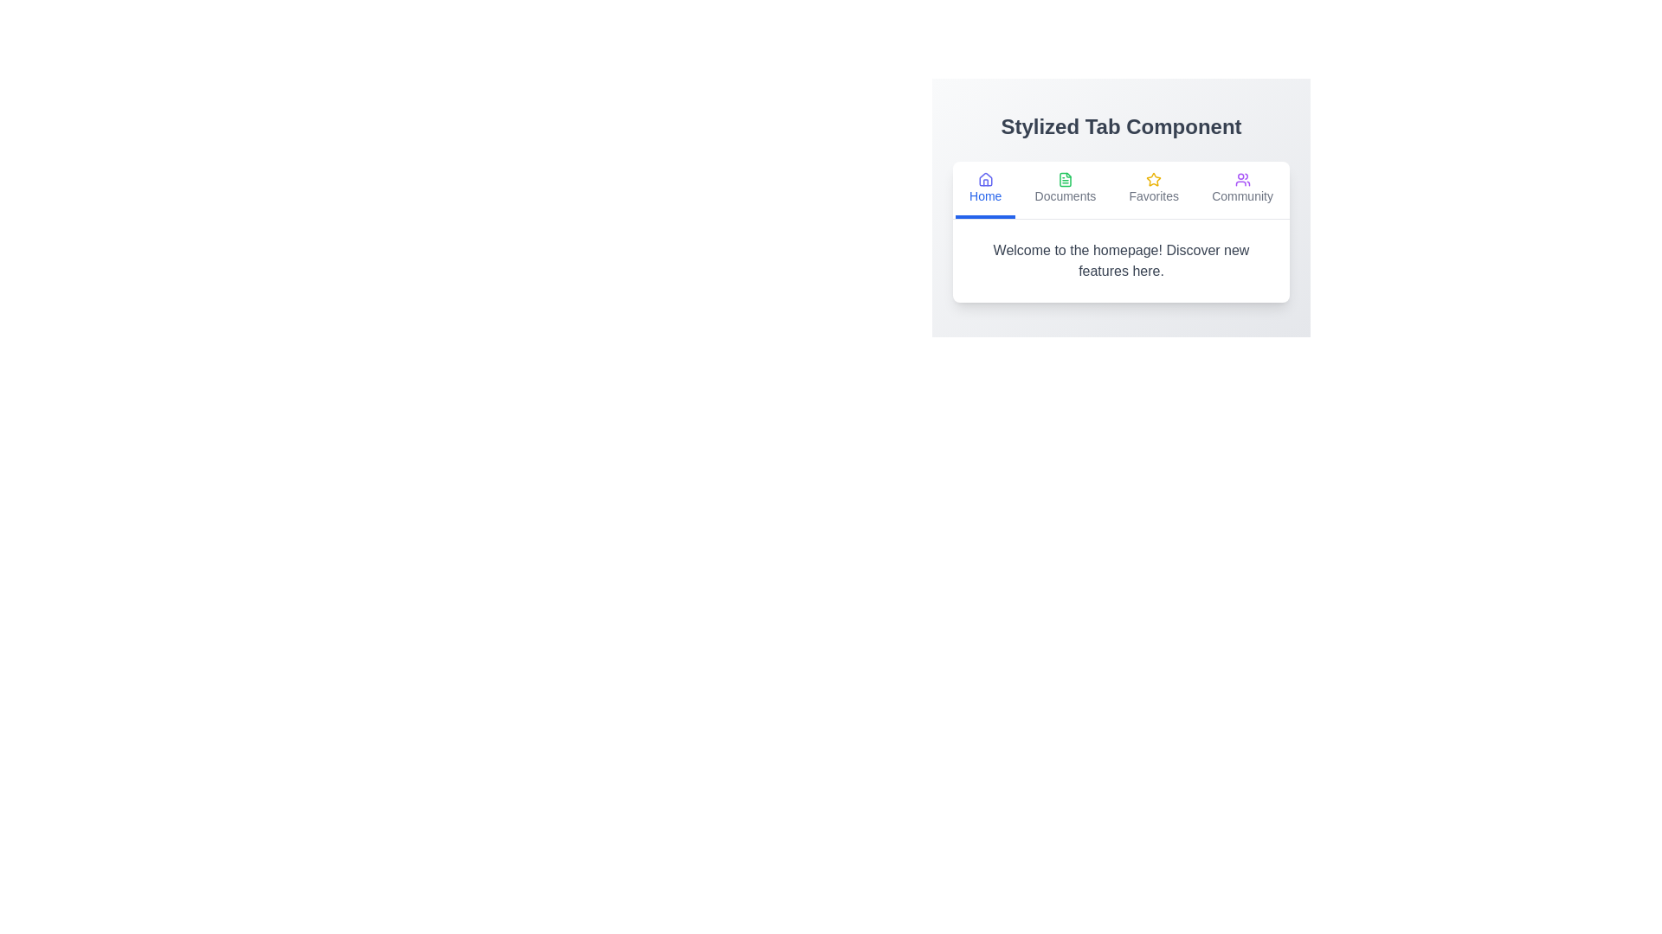  Describe the element at coordinates (1063, 180) in the screenshot. I see `the 'Documents' icon in the navigation tab, which is centrally located in the 'Documents' section of the tab bar` at that location.